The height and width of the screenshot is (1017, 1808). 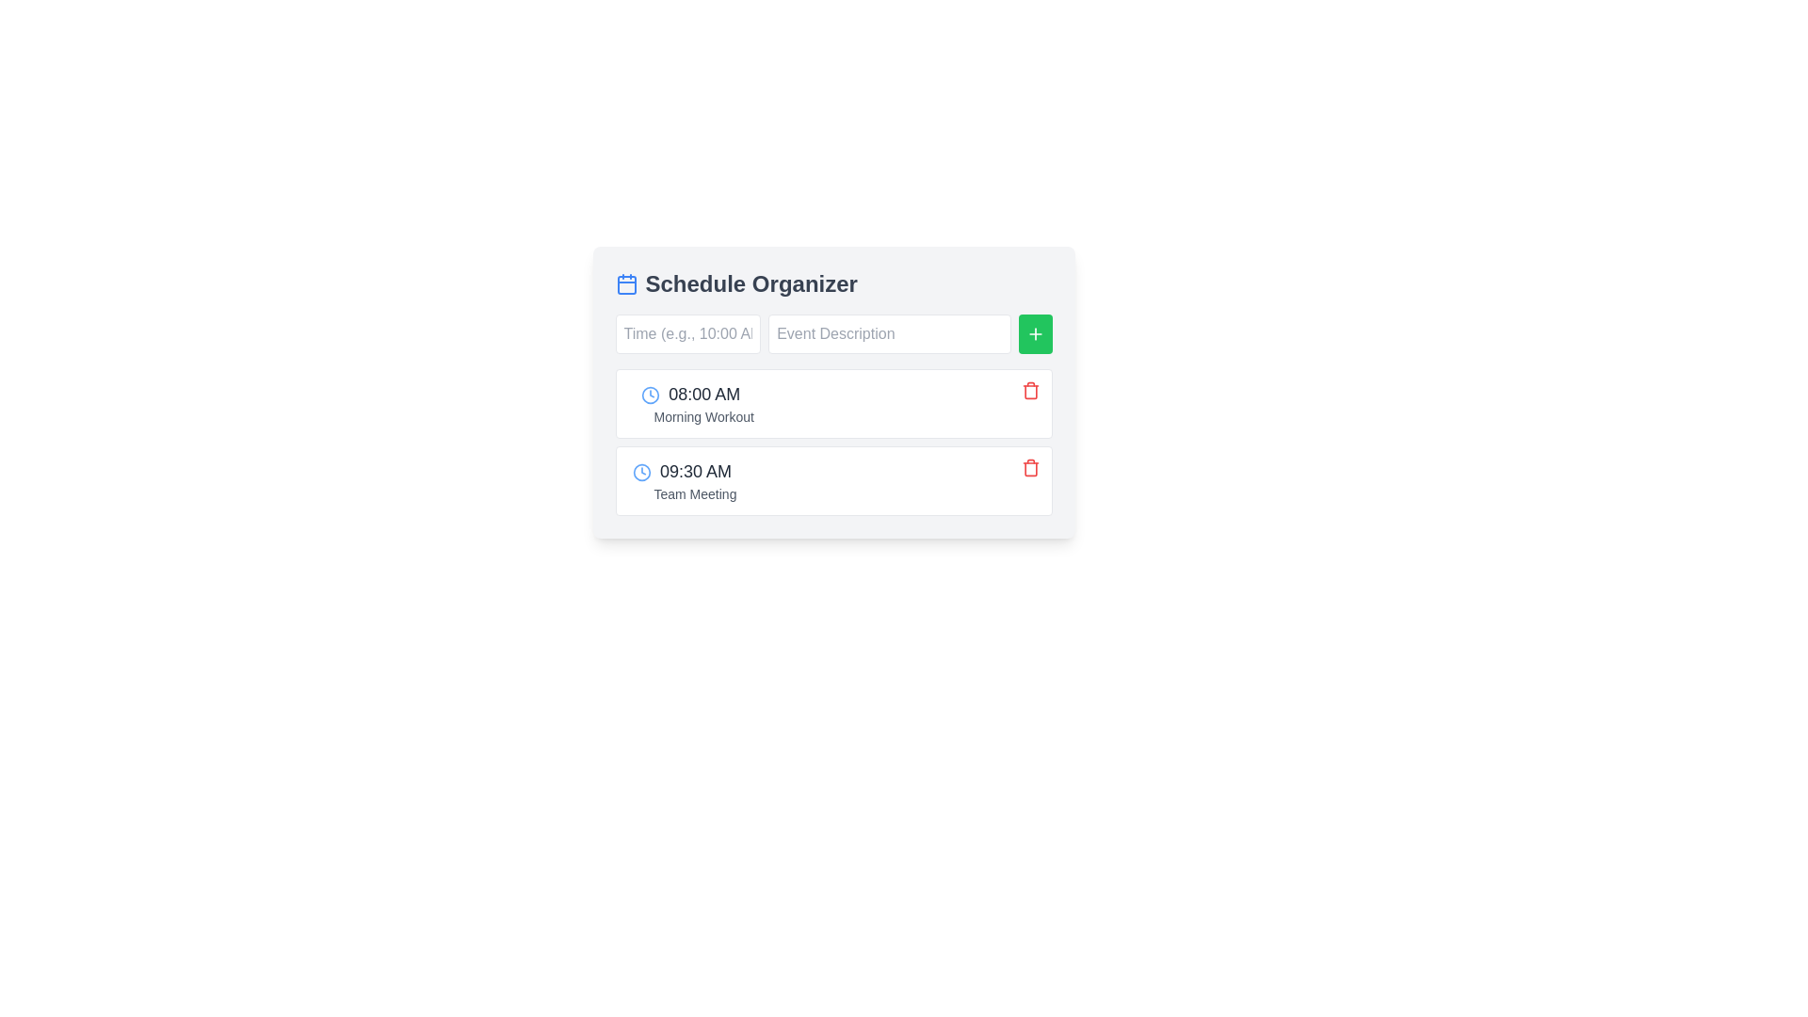 What do you see at coordinates (681, 479) in the screenshot?
I see `the Event Entry displaying '09:30 AM' and 'Team Meeting', which is the second item in the list of events within the schedule component` at bounding box center [681, 479].